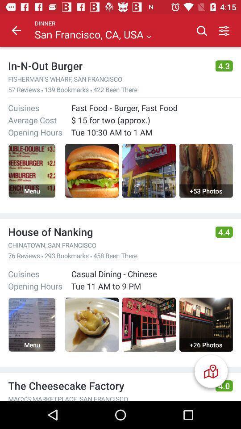  What do you see at coordinates (24, 256) in the screenshot?
I see `76 reviews item` at bounding box center [24, 256].